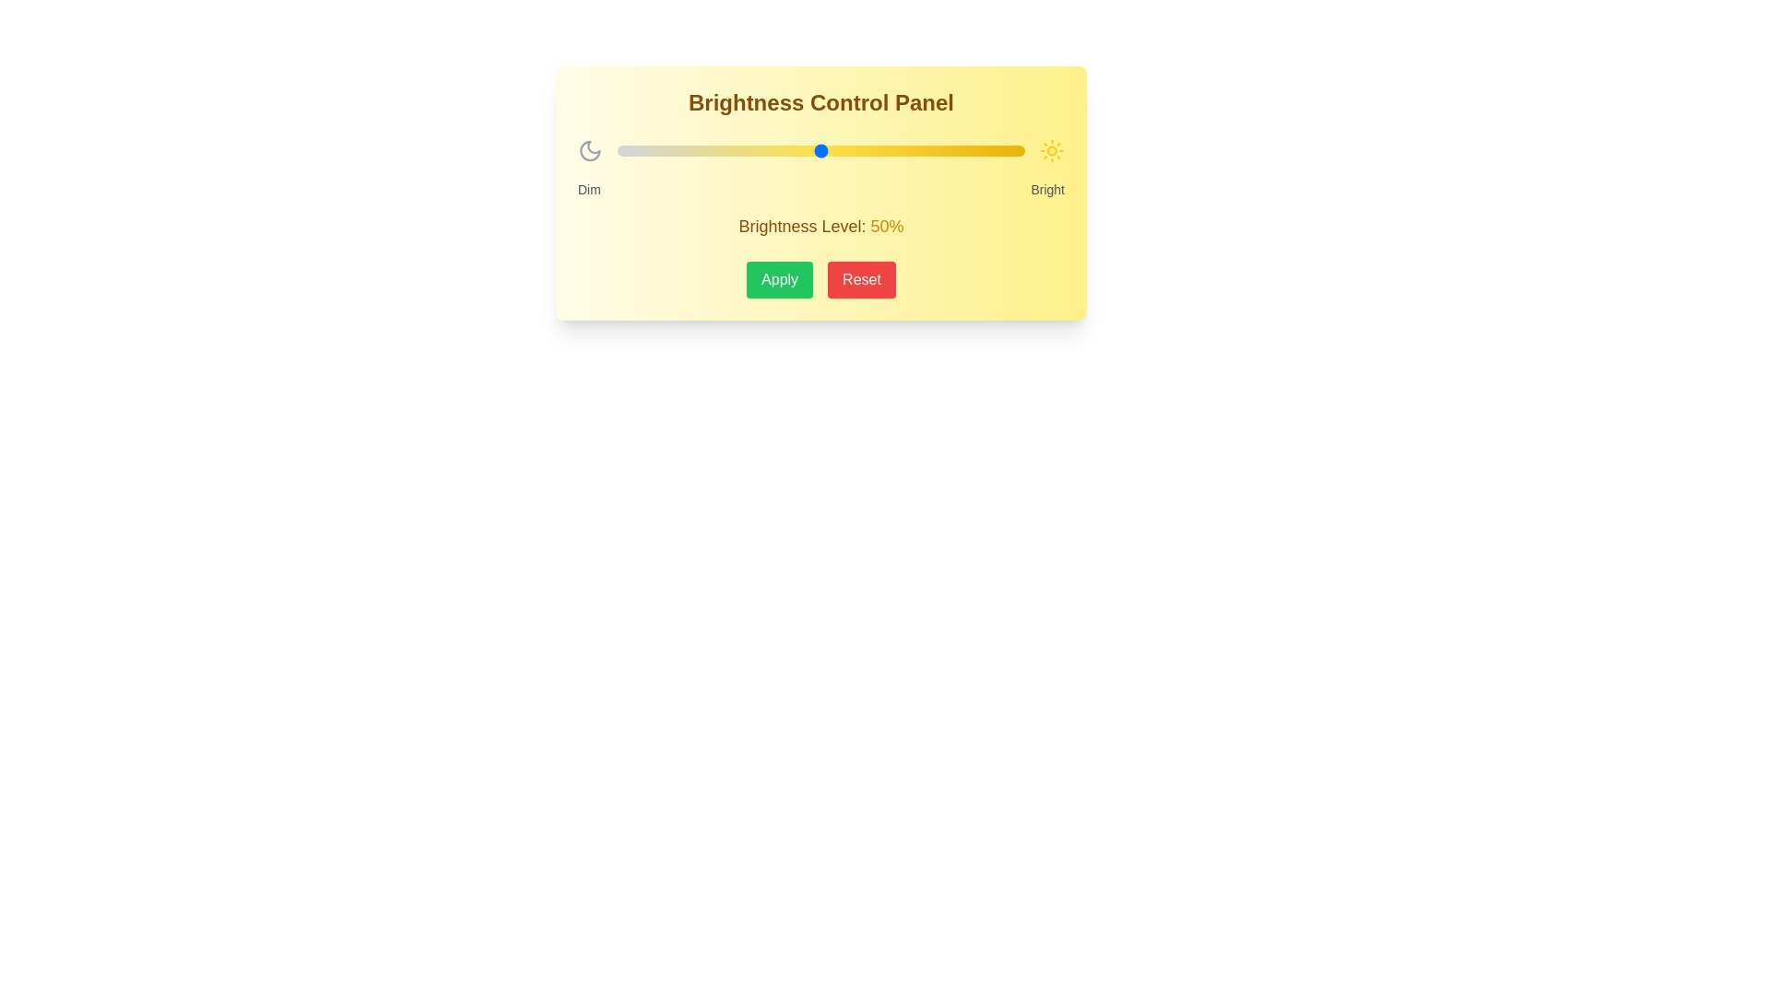 Image resolution: width=1770 pixels, height=995 pixels. What do you see at coordinates (865, 150) in the screenshot?
I see `the brightness slider to 61%` at bounding box center [865, 150].